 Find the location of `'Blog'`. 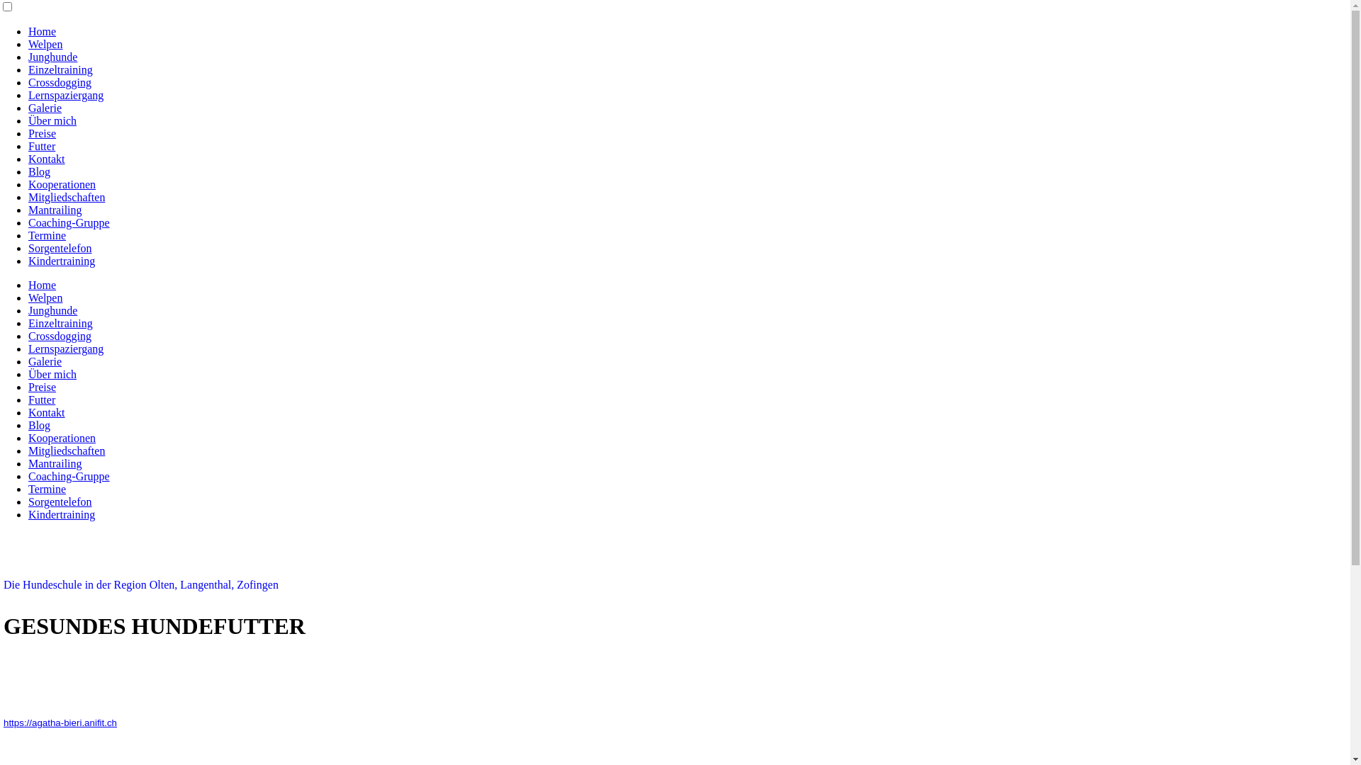

'Blog' is located at coordinates (28, 424).